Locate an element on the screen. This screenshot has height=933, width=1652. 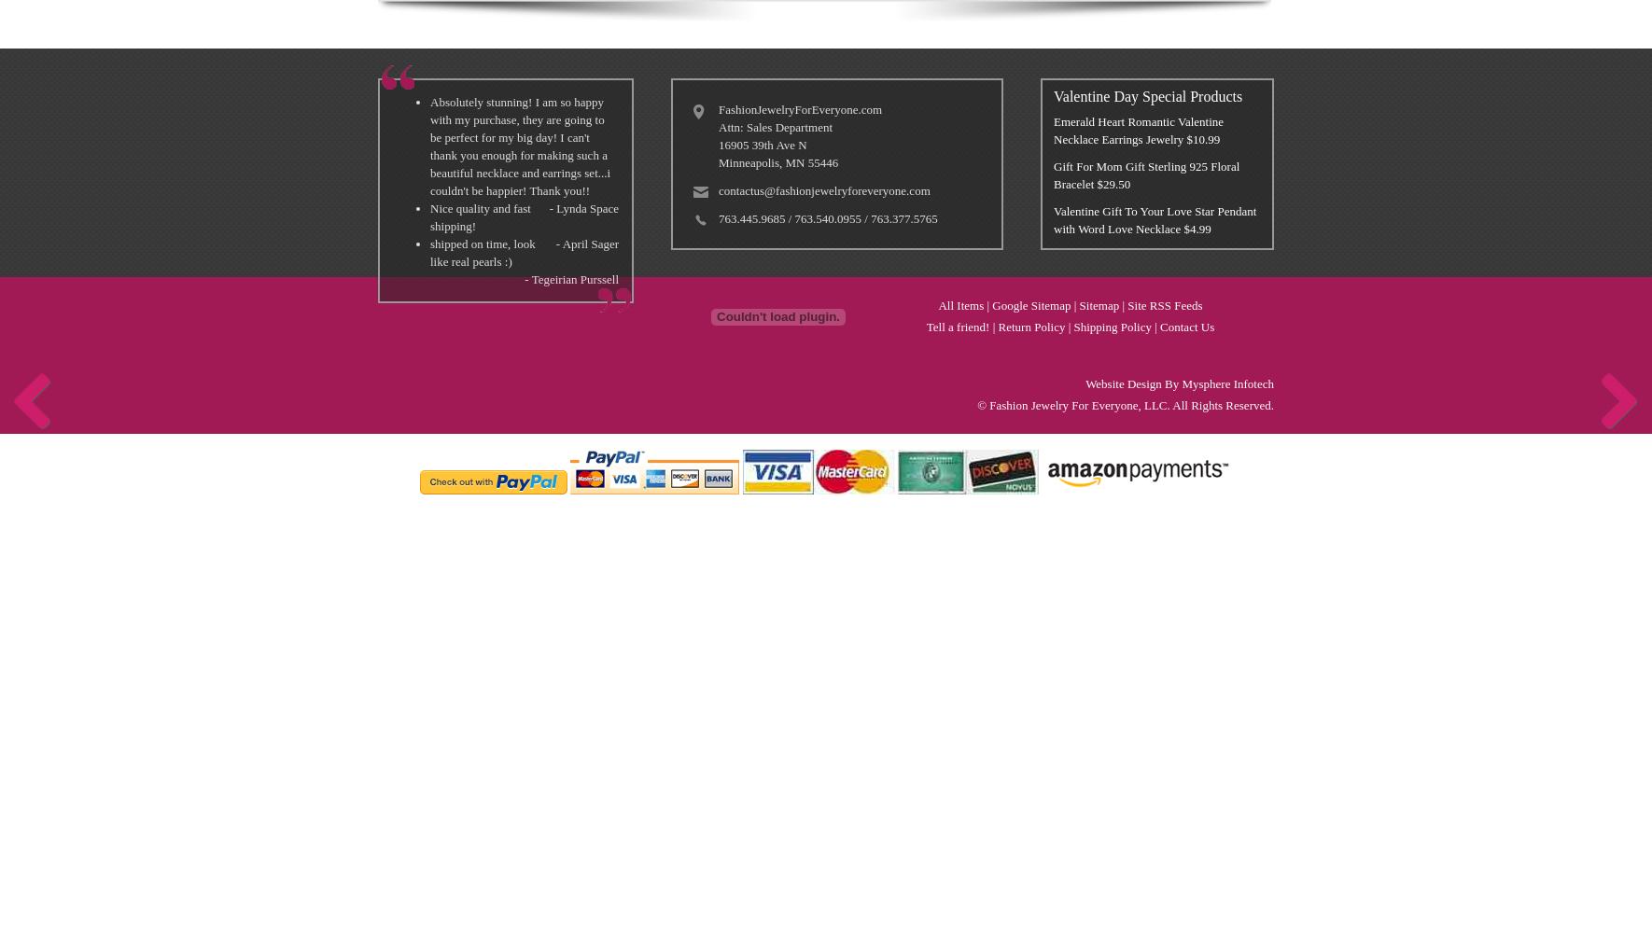
'Return Policy' is located at coordinates (1031, 326).